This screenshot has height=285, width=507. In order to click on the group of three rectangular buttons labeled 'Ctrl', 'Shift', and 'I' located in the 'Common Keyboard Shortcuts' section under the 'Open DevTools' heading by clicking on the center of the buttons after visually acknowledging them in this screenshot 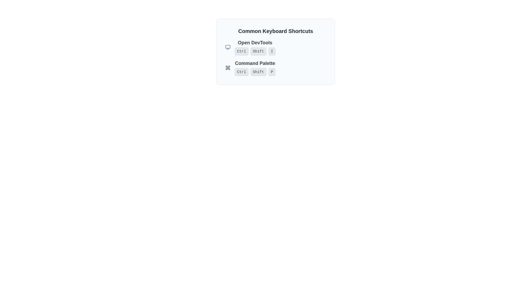, I will do `click(255, 51)`.